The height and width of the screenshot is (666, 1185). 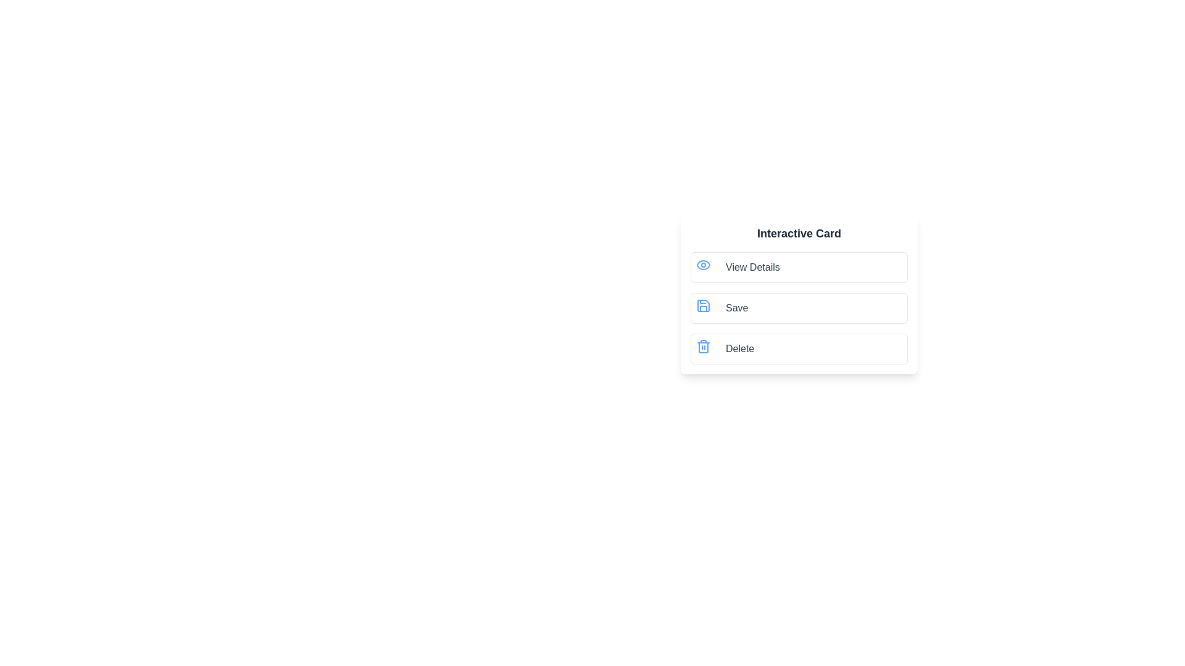 What do you see at coordinates (799, 308) in the screenshot?
I see `the 'Save' button located in the 'Interactive Card'` at bounding box center [799, 308].